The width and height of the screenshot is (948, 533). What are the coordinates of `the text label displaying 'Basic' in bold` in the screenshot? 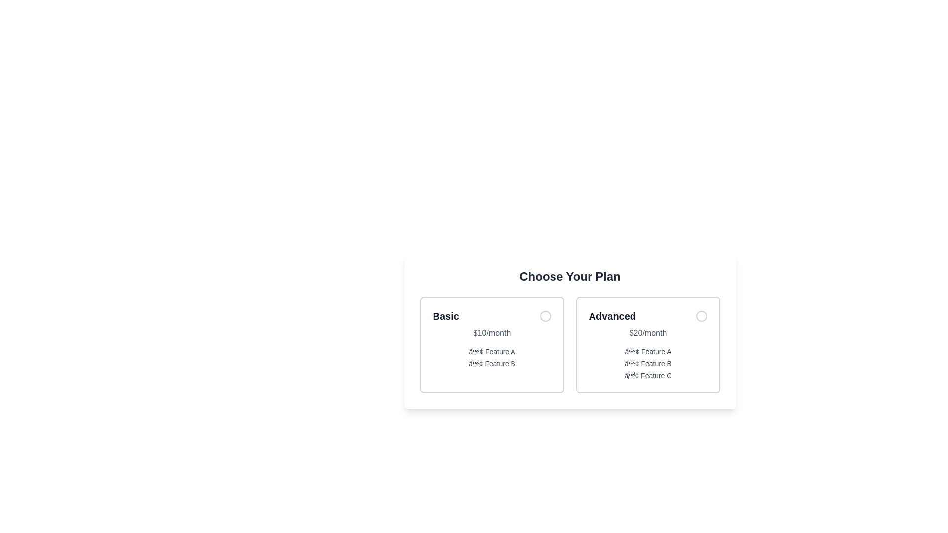 It's located at (445, 316).